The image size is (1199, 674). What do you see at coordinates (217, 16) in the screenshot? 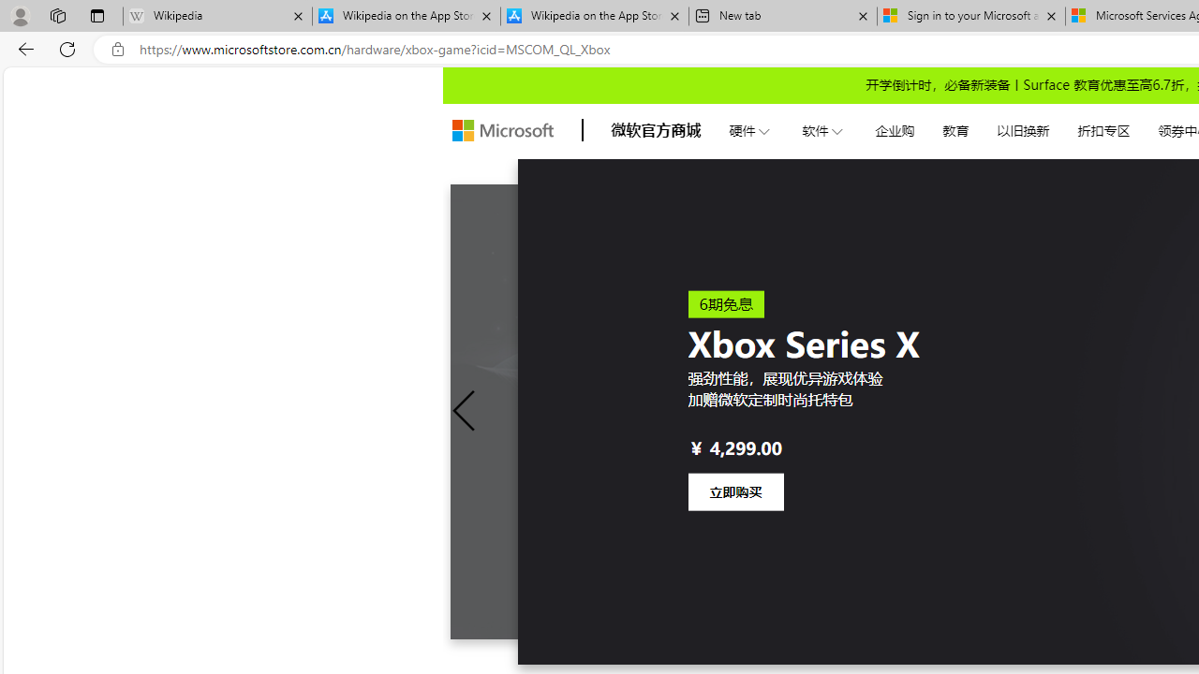
I see `'Wikipedia - Sleeping'` at bounding box center [217, 16].